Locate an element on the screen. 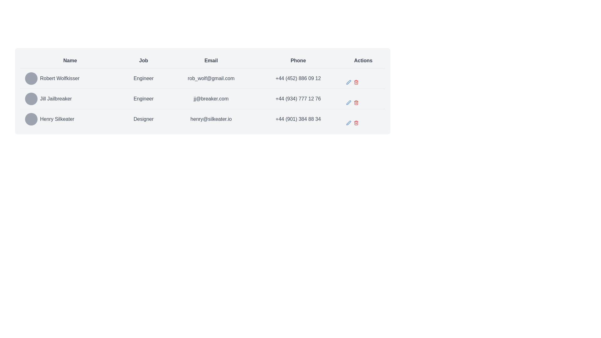 The image size is (601, 338). the second row of the table, which includes an individual's details and is located between the rows for 'Robert Wolfkisser' and 'Henry Silkeater' is located at coordinates (203, 99).